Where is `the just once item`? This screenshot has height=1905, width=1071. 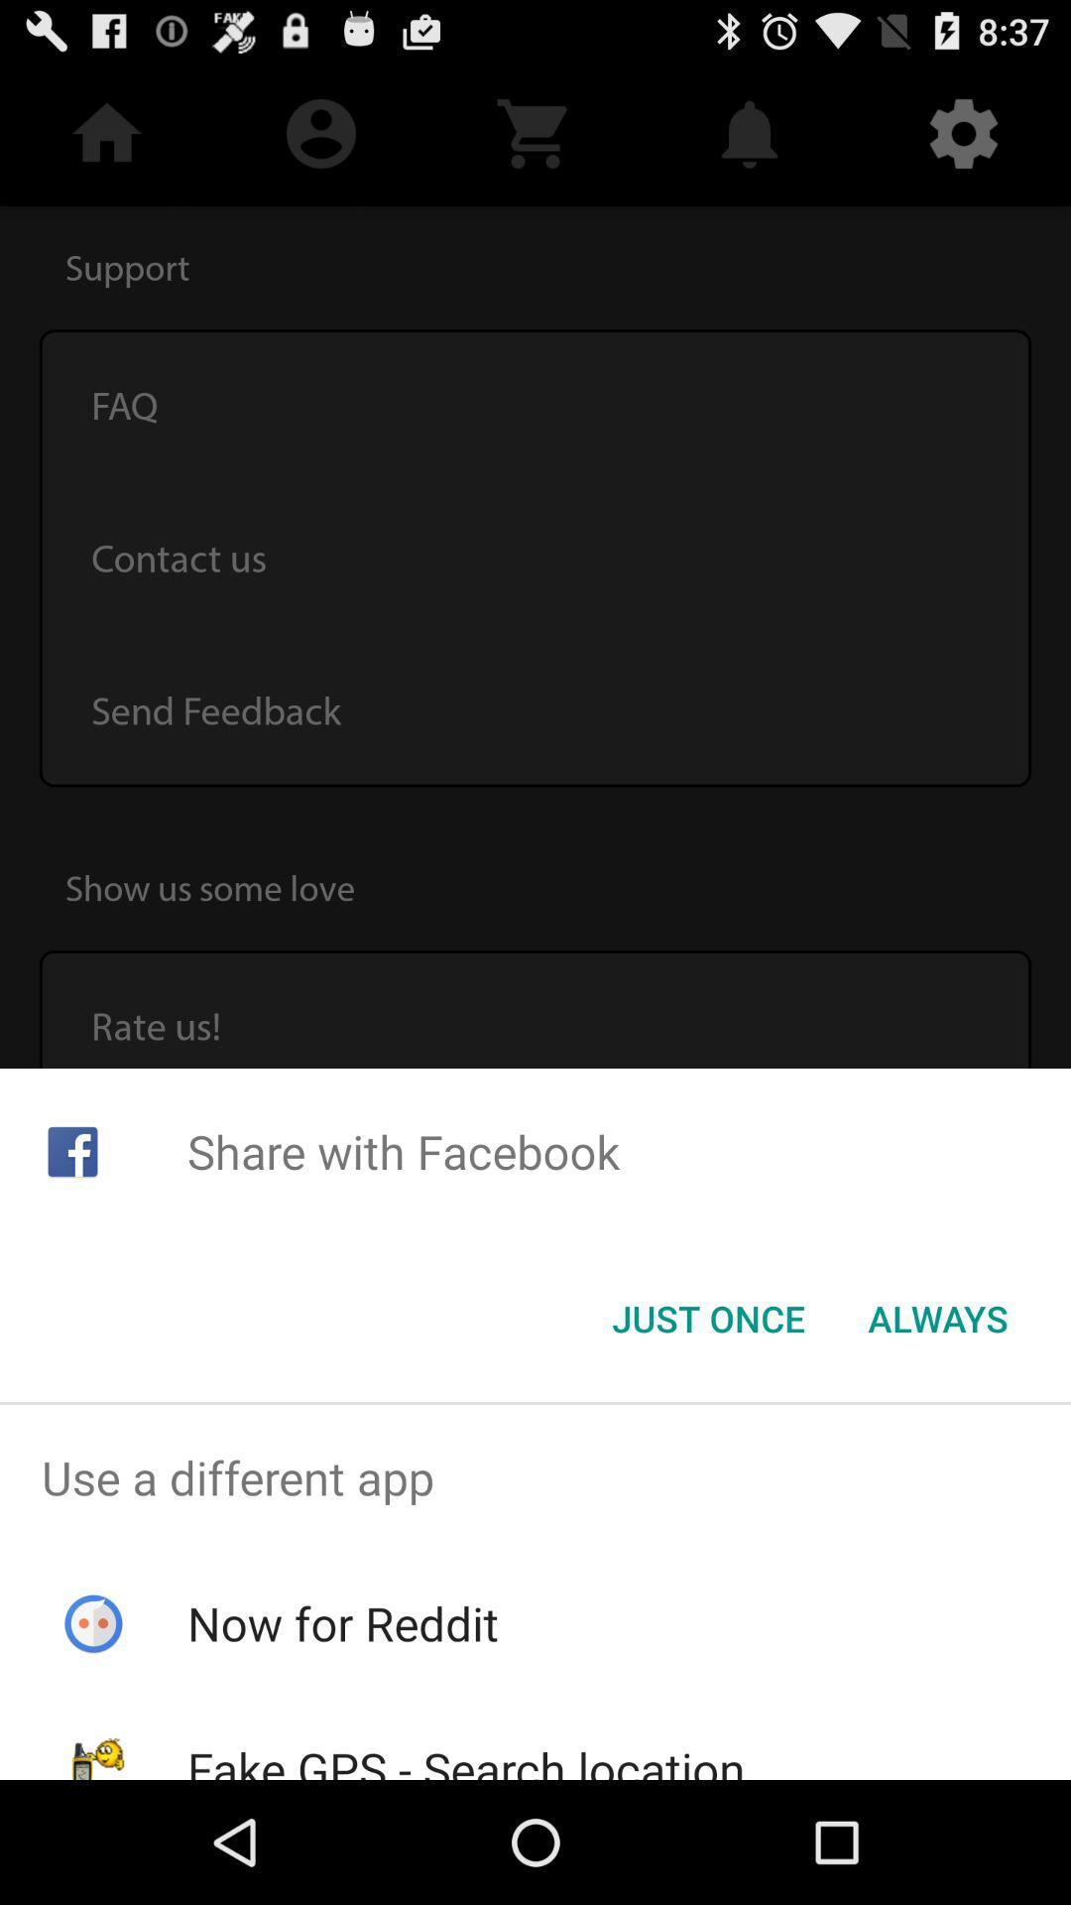 the just once item is located at coordinates (707, 1319).